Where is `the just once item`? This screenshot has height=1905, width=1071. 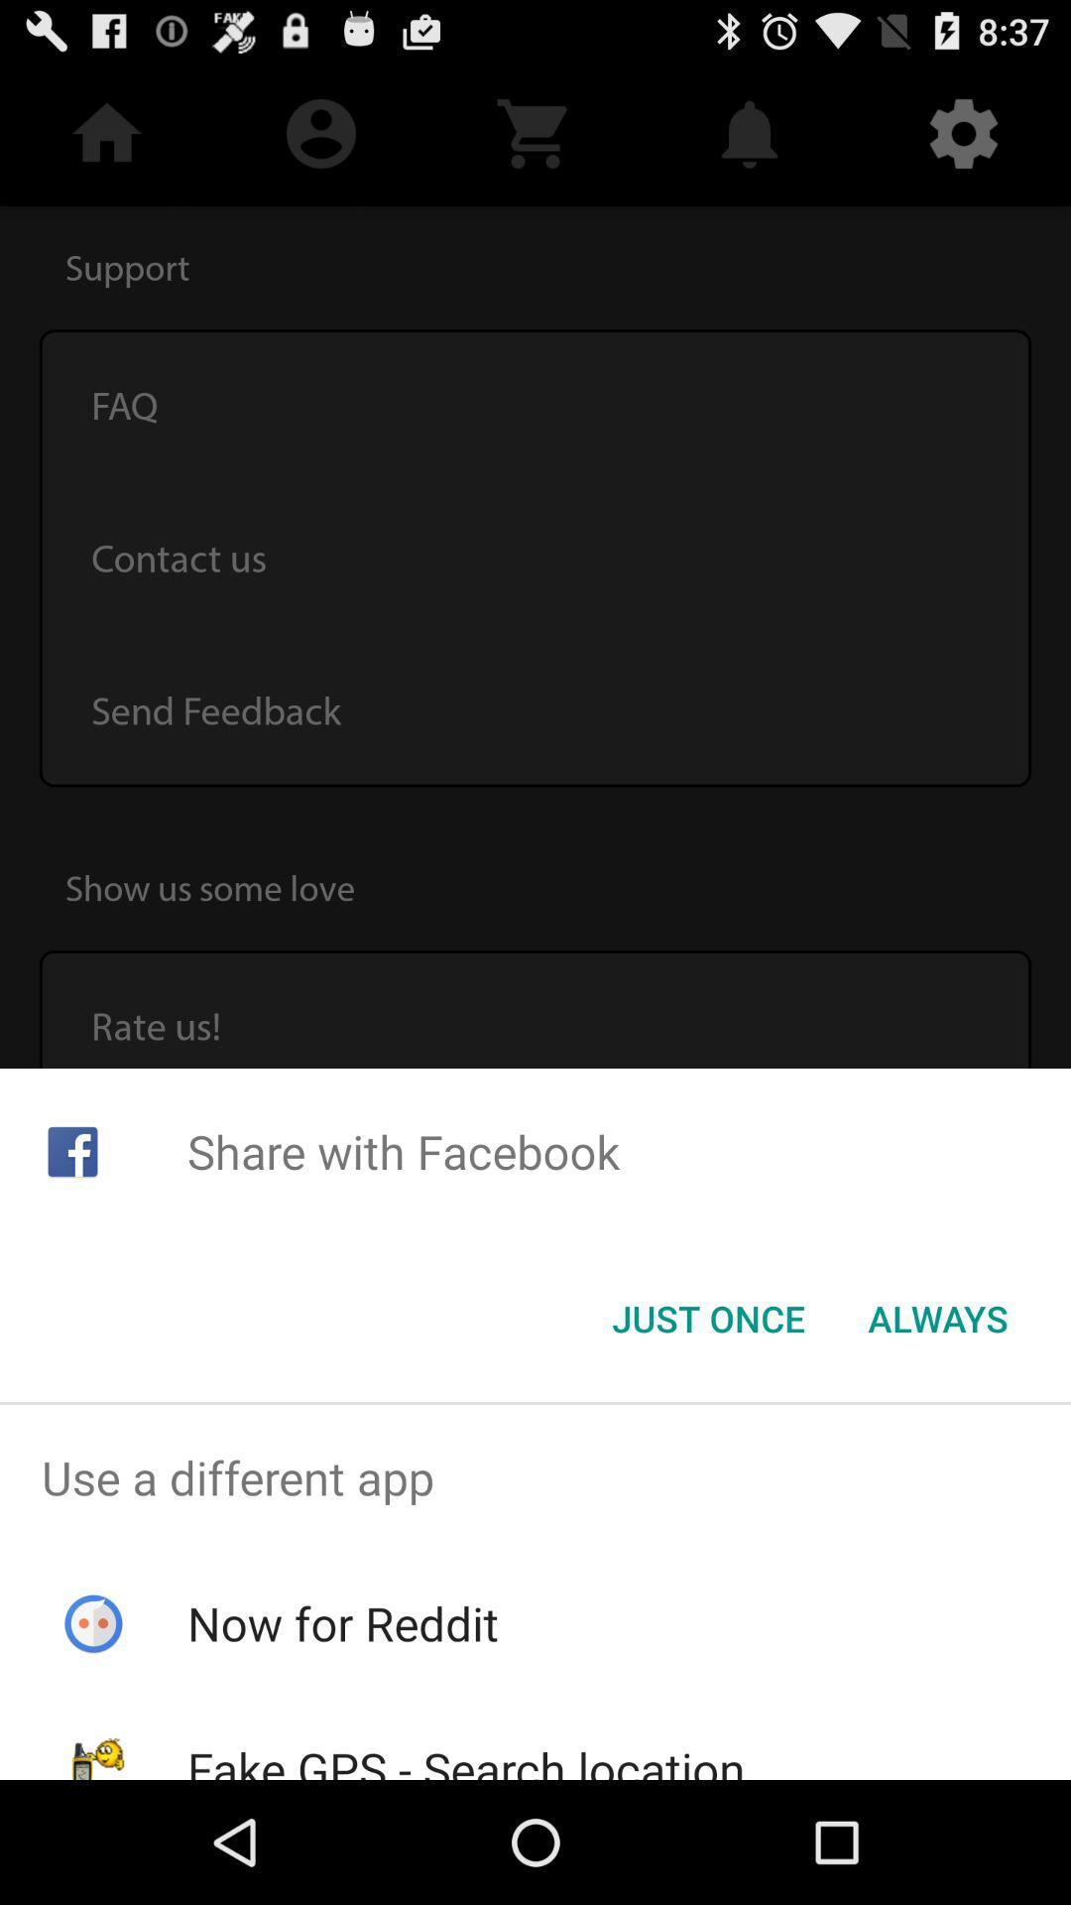 the just once item is located at coordinates (707, 1319).